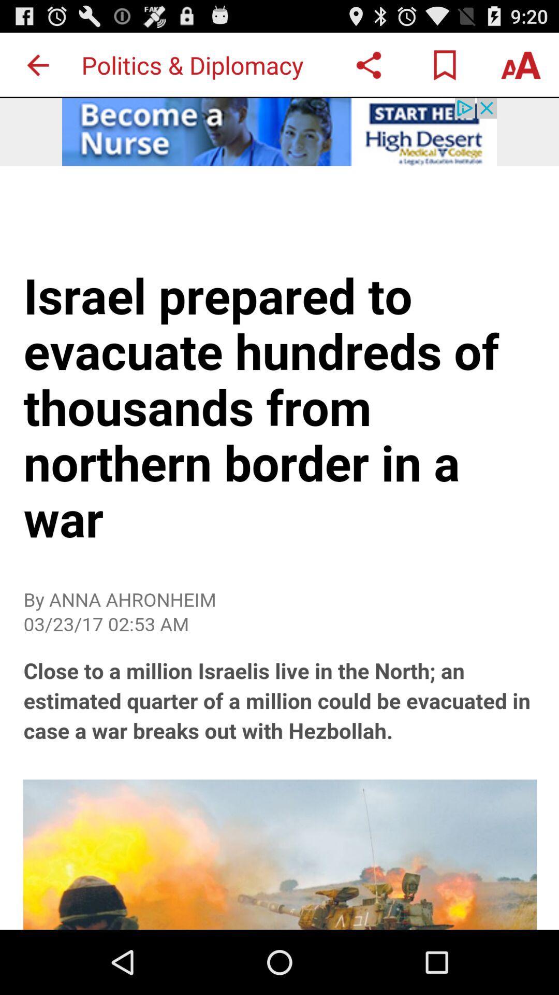 This screenshot has height=995, width=559. Describe the element at coordinates (279, 131) in the screenshot. I see `advertisement` at that location.